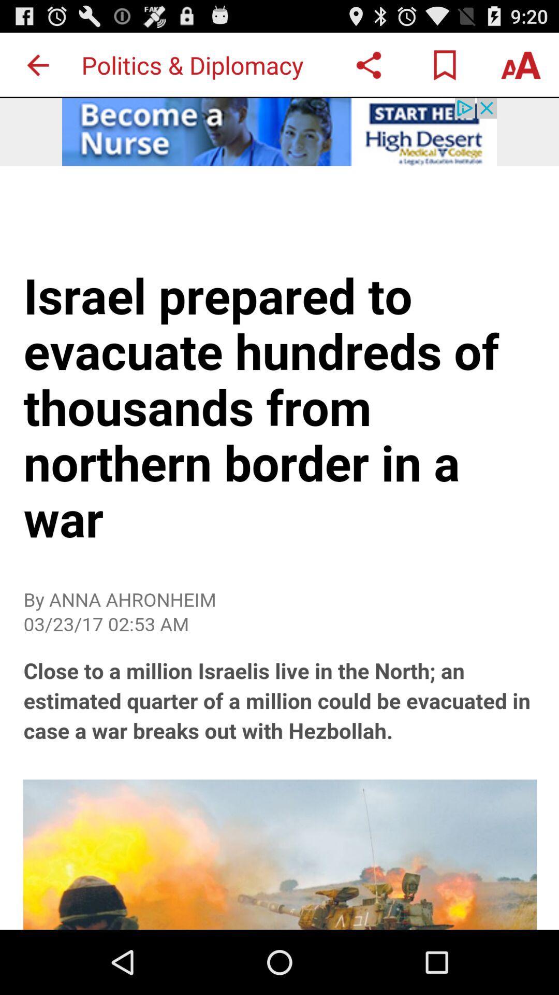 This screenshot has height=995, width=559. Describe the element at coordinates (279, 131) in the screenshot. I see `advertisement` at that location.